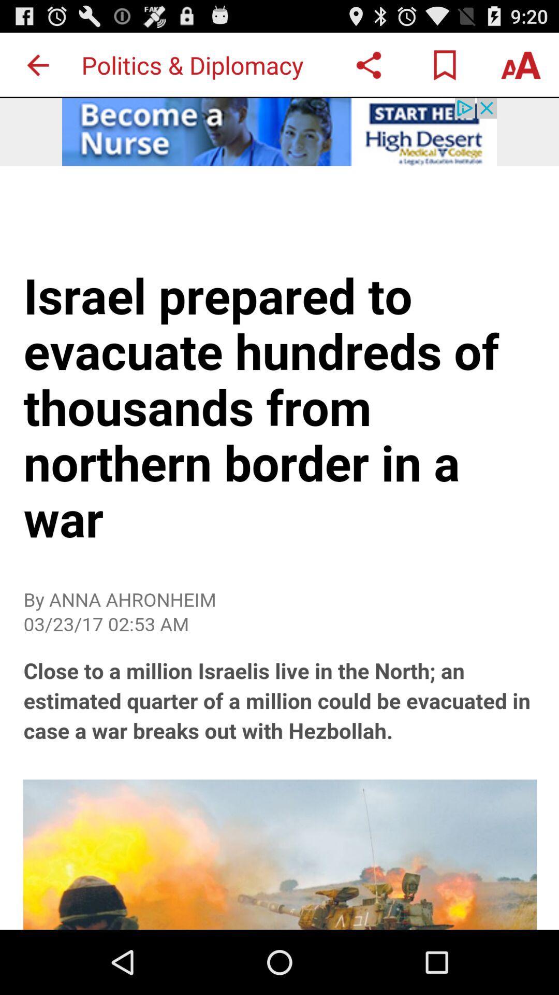 This screenshot has height=995, width=559. Describe the element at coordinates (279, 131) in the screenshot. I see `advertisement` at that location.